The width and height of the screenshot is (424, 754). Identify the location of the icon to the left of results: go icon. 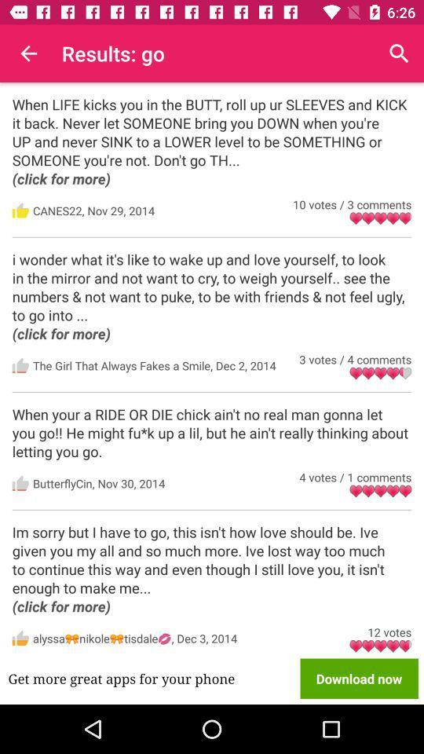
(28, 53).